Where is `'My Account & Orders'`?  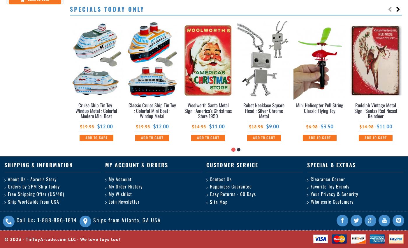
'My Account & Orders' is located at coordinates (105, 164).